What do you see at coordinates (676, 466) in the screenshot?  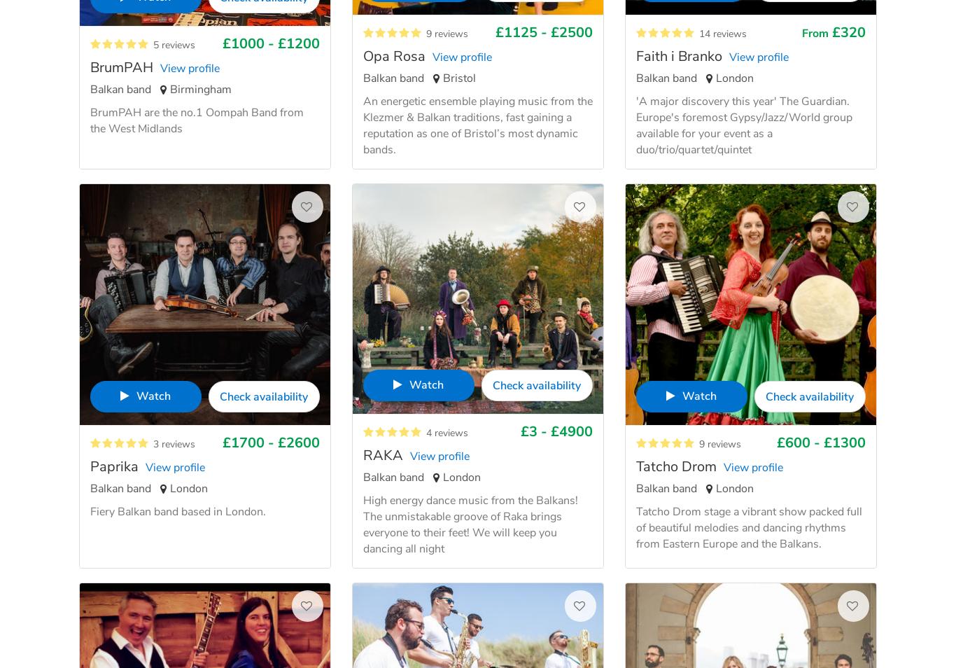 I see `'Tatcho Drom'` at bounding box center [676, 466].